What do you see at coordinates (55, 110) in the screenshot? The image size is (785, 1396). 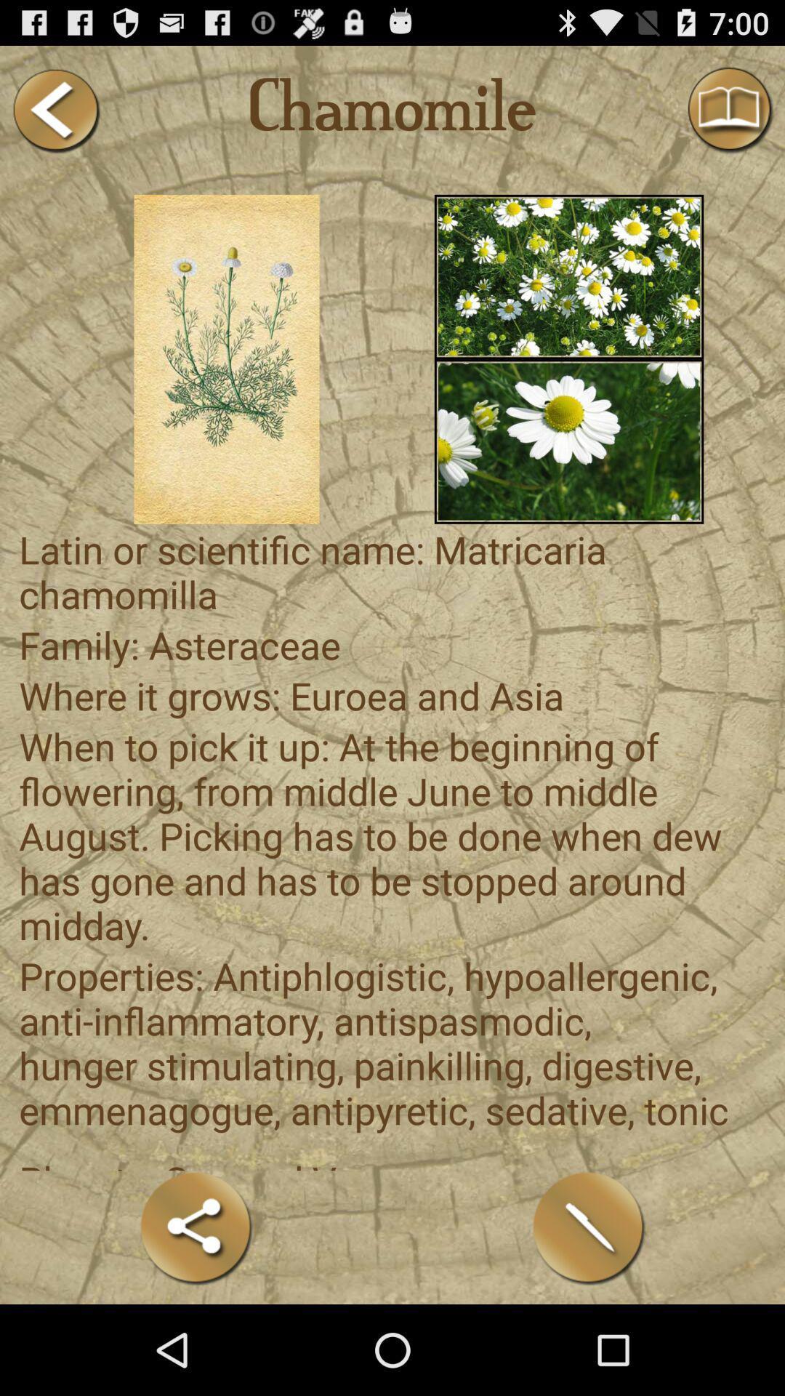 I see `go back` at bounding box center [55, 110].